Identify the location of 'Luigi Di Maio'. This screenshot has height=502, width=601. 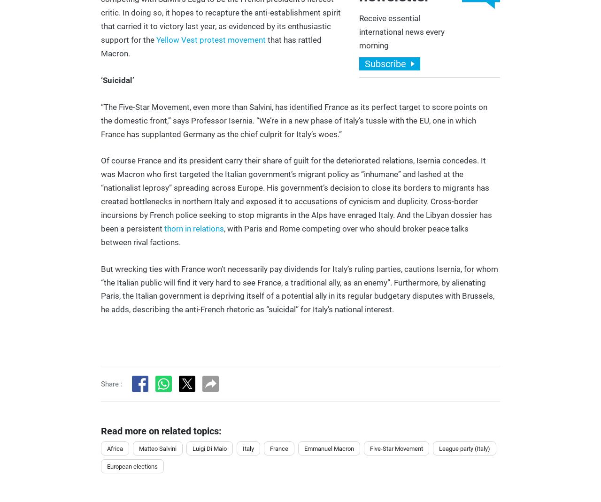
(209, 448).